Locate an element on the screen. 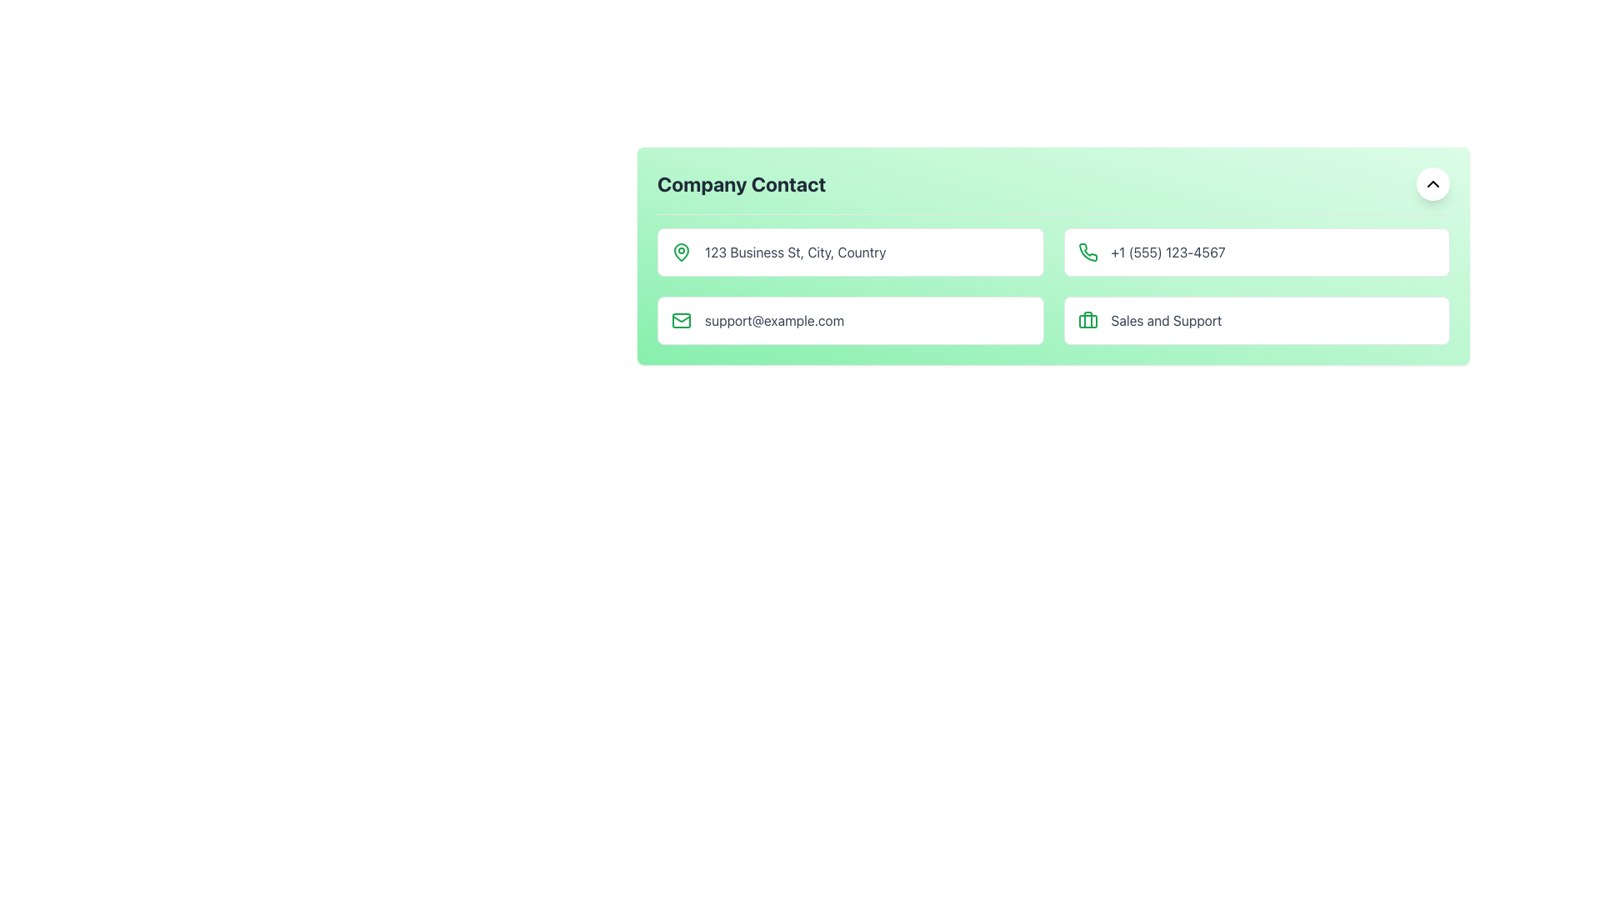 Image resolution: width=1600 pixels, height=900 pixels. the green phone-shaped icon located to the left of the phone number '+1 (555) 123-4567' in the contact details section is located at coordinates (1087, 252).